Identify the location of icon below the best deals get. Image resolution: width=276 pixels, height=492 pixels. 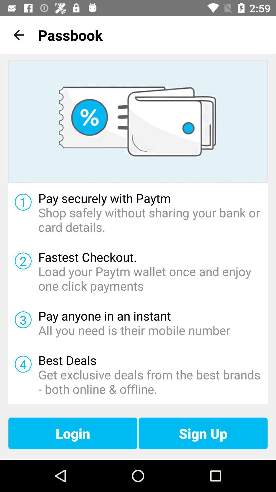
(203, 433).